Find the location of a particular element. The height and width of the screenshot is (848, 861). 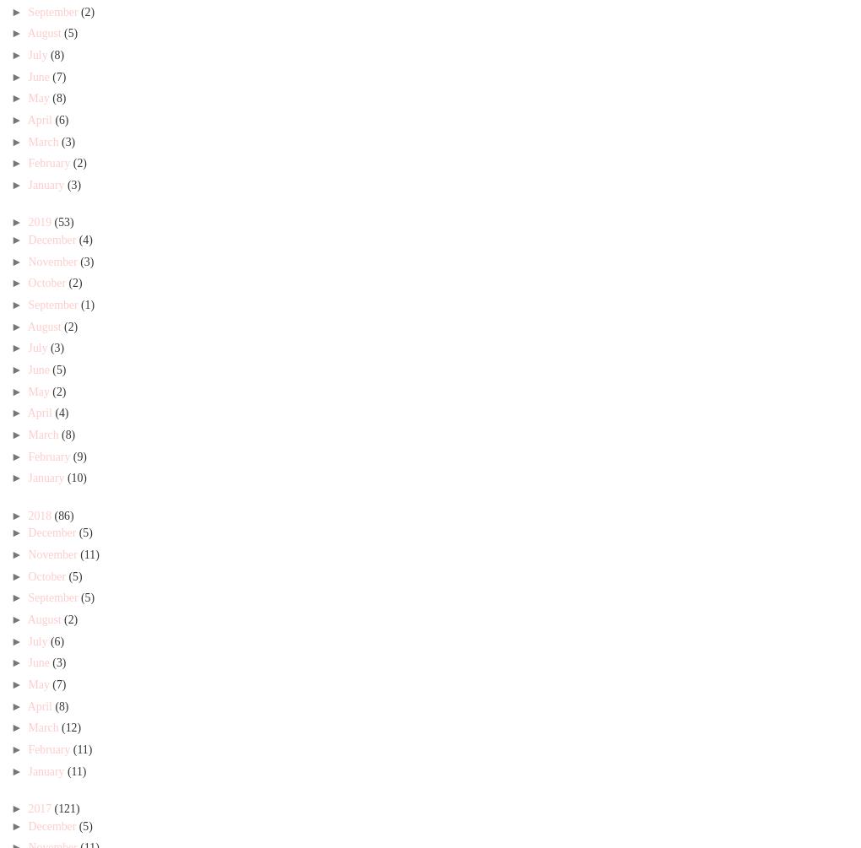

'2017' is located at coordinates (41, 807).